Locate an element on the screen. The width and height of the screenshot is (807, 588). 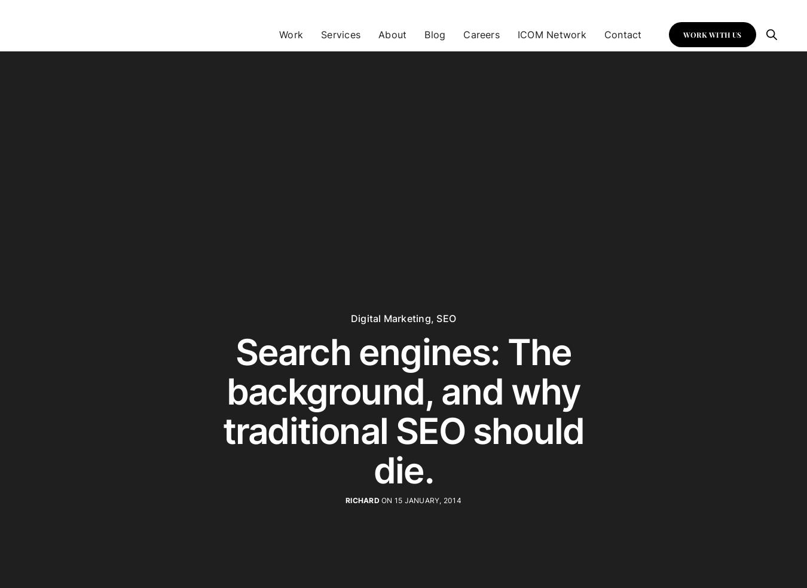
'ICOM Network' is located at coordinates (516, 33).